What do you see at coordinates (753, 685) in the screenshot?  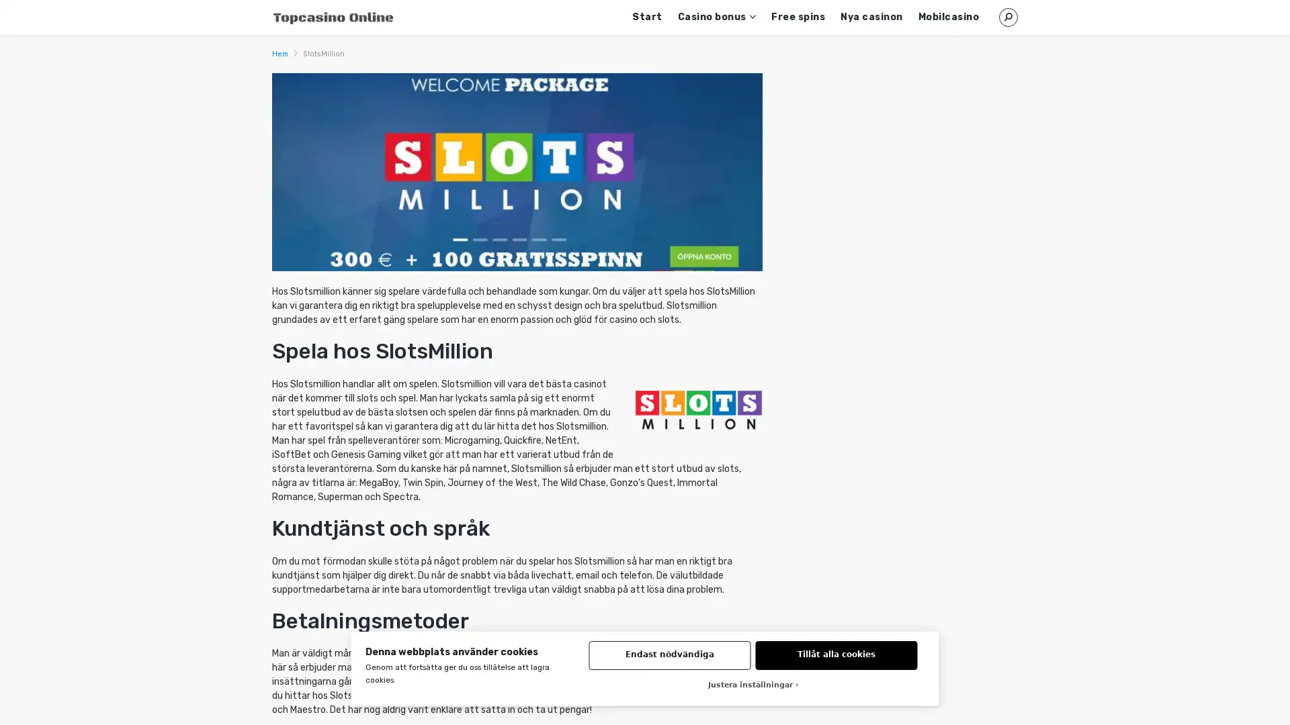 I see `Justera installningar` at bounding box center [753, 685].